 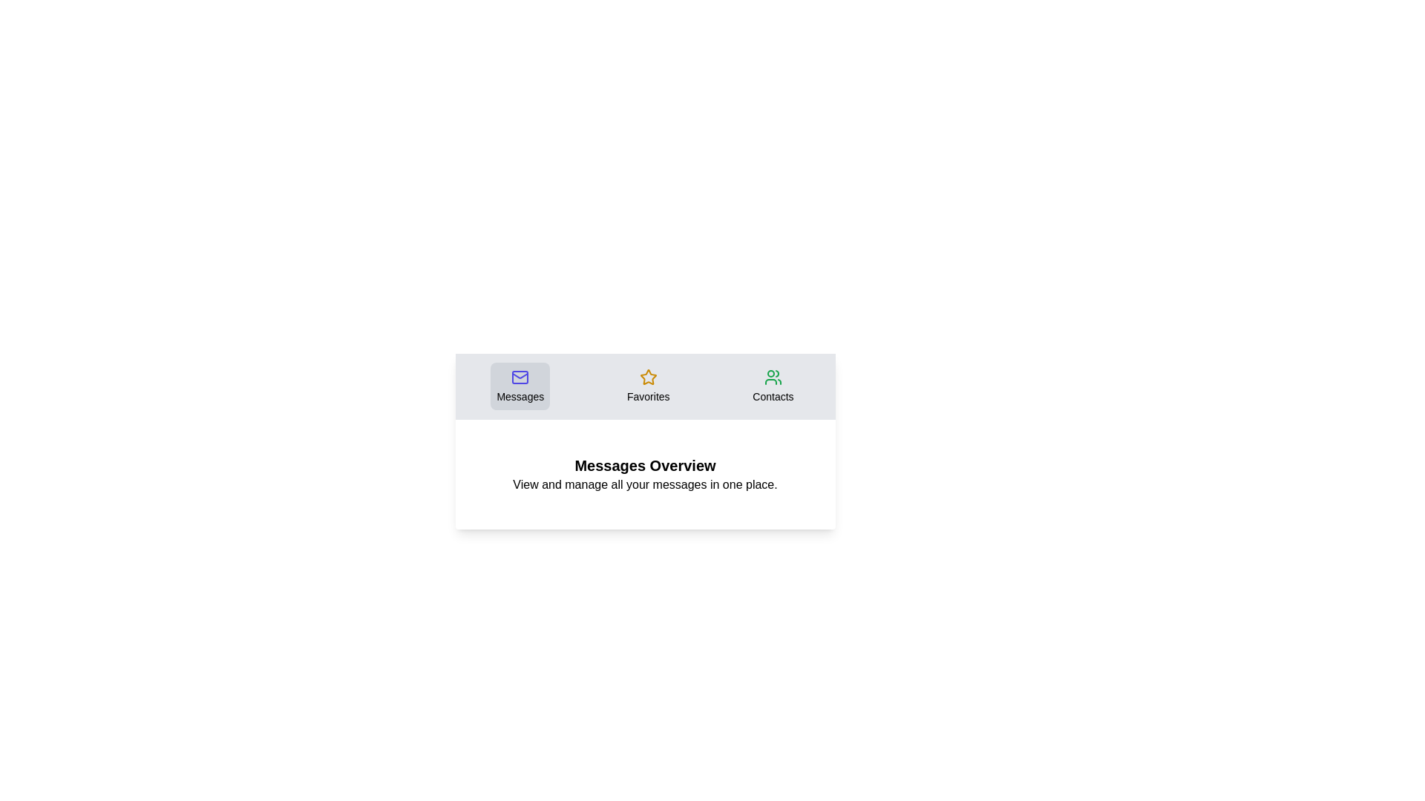 I want to click on the Favorites tab, so click(x=648, y=385).